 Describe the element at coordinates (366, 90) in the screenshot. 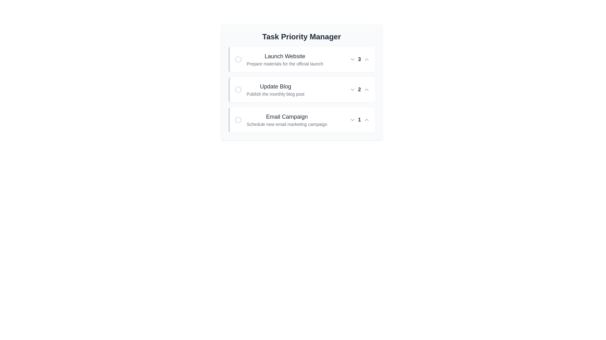

I see `the small upward-facing chevron icon button located in the 'Update Blog' task, which changes to a darker shade when hovered over` at that location.